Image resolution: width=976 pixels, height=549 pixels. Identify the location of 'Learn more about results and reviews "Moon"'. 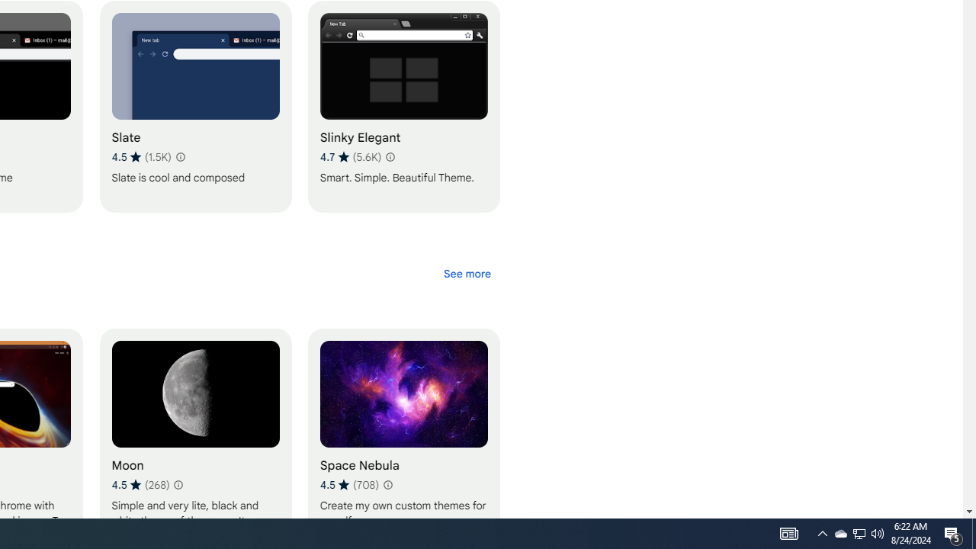
(178, 485).